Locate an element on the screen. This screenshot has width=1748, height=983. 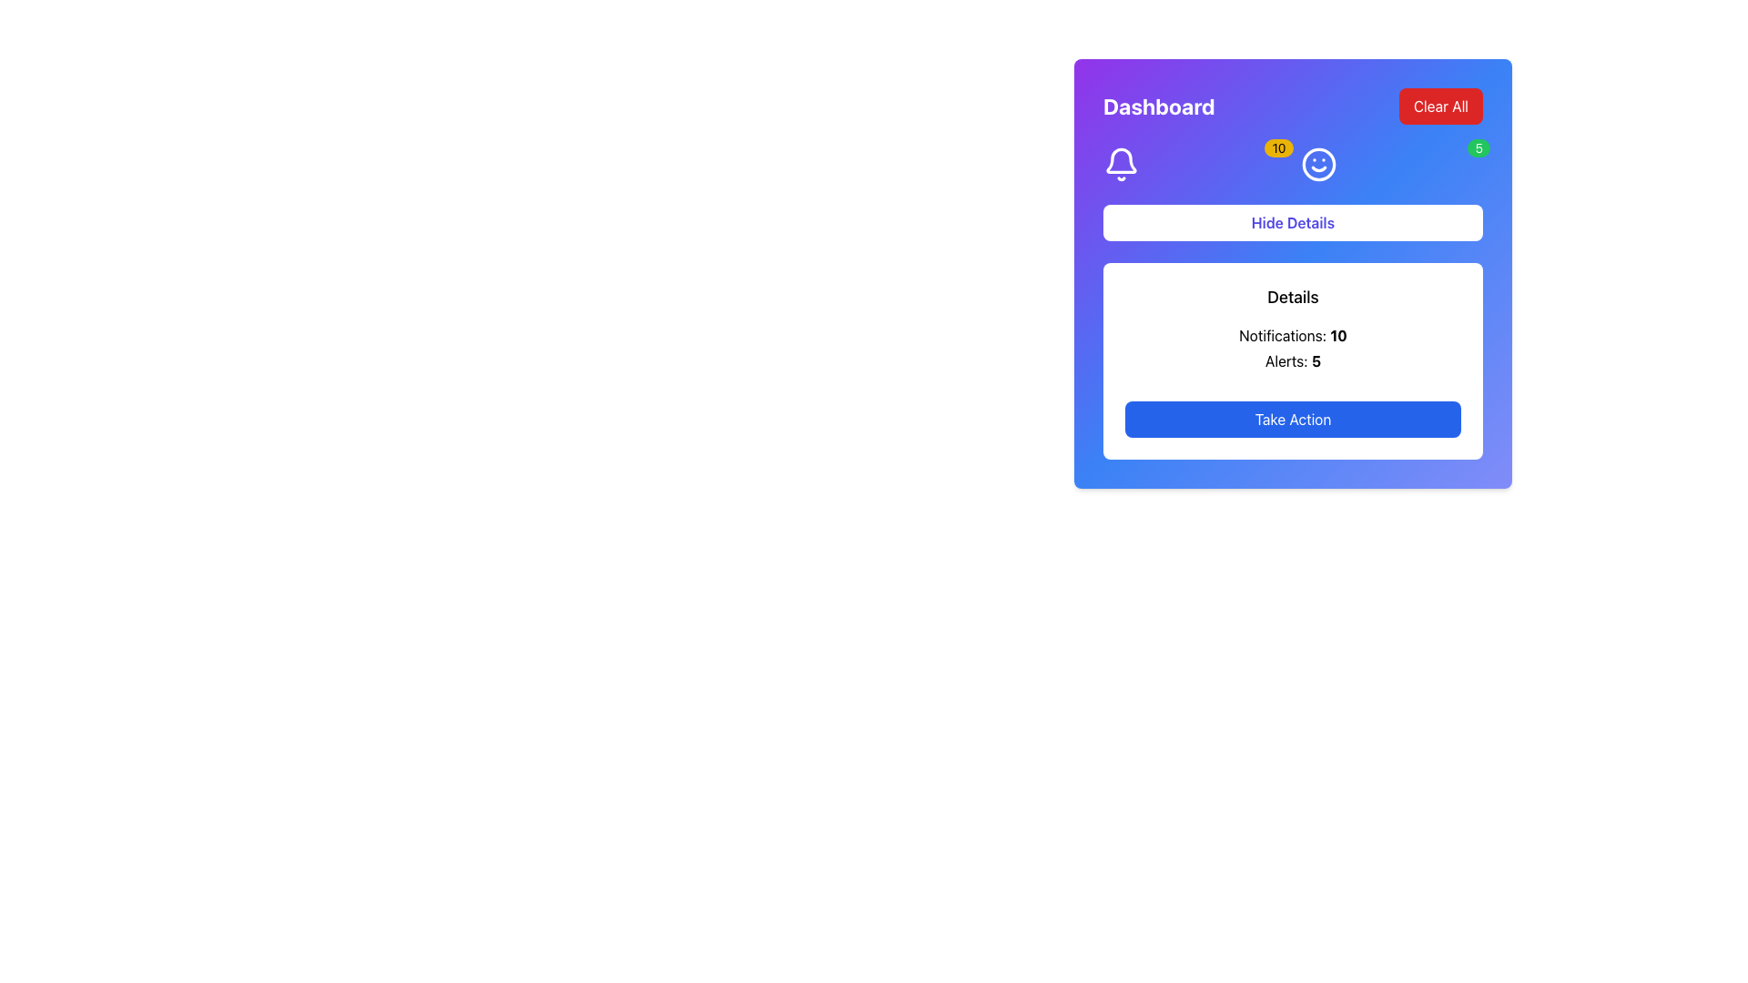
the notification icon located near the top-left corner of the box with a gradient background, just below the 'Dashboard' title and to the left of the yellow circle with the number '10' is located at coordinates (1121, 165).